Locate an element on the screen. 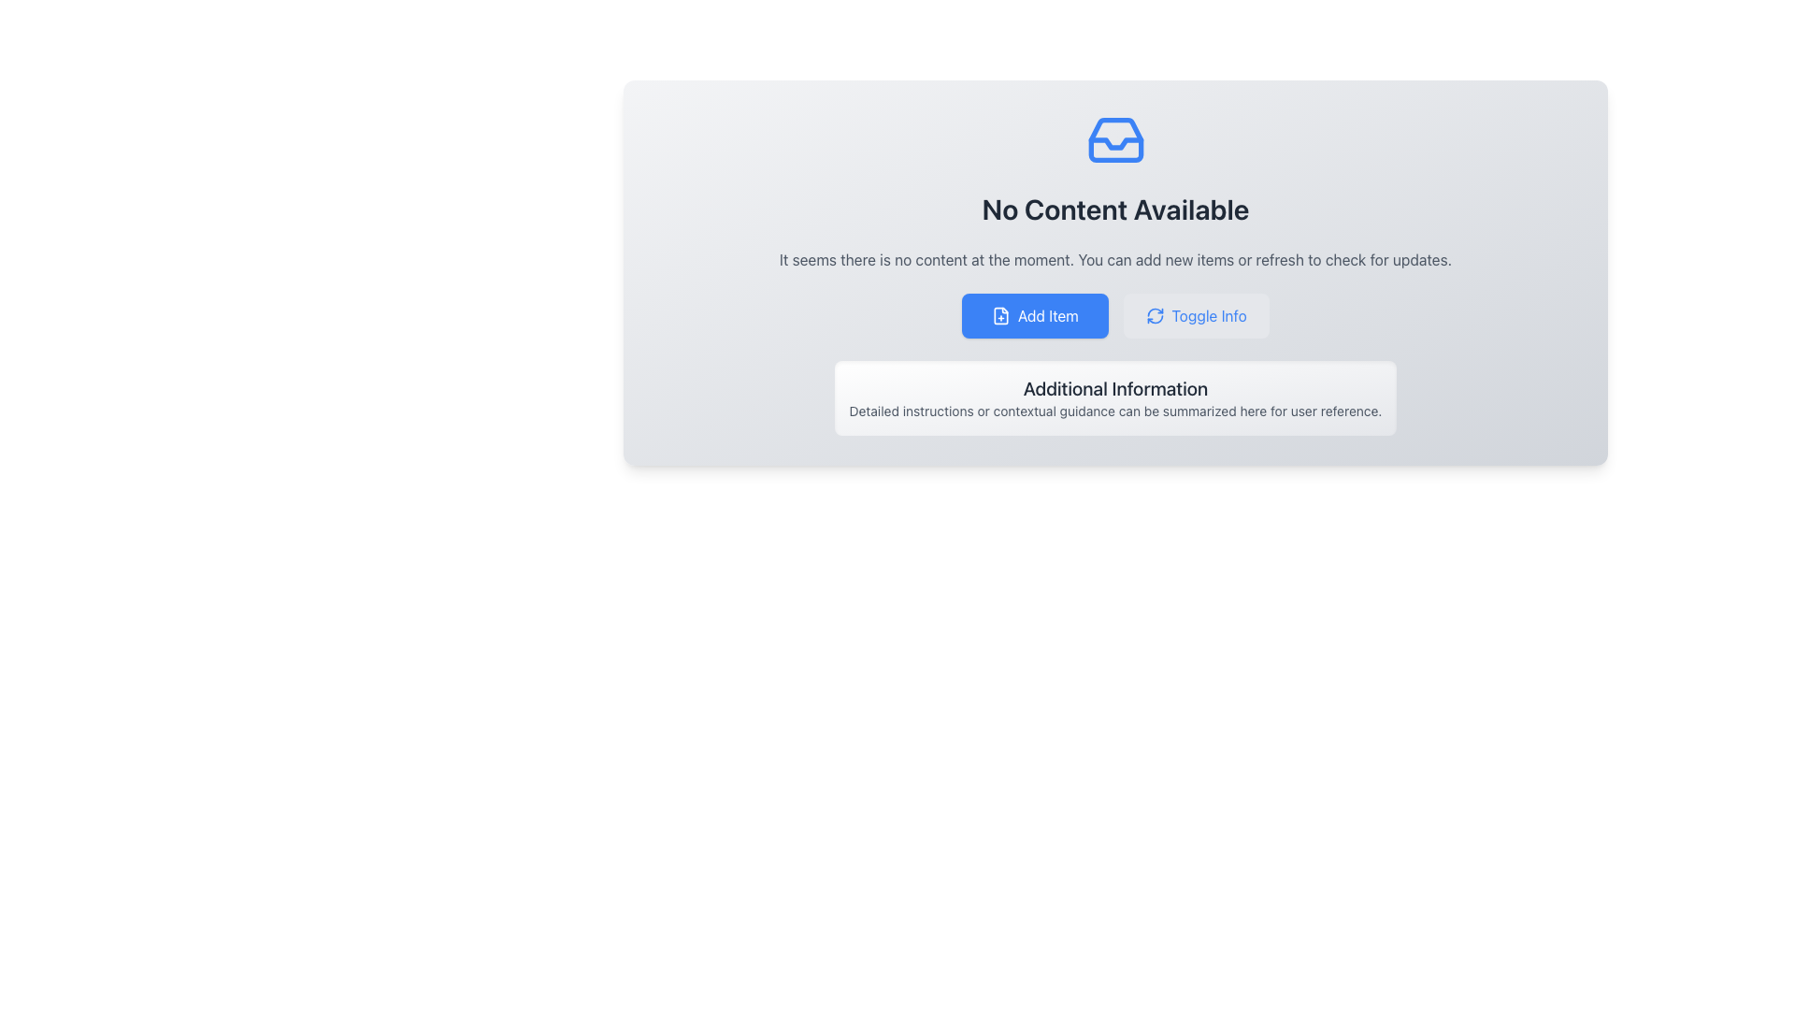  the 'Toggle Info' button, which has a light gray background, blue text, and a circular arrow icon on its left is located at coordinates (1194, 315).